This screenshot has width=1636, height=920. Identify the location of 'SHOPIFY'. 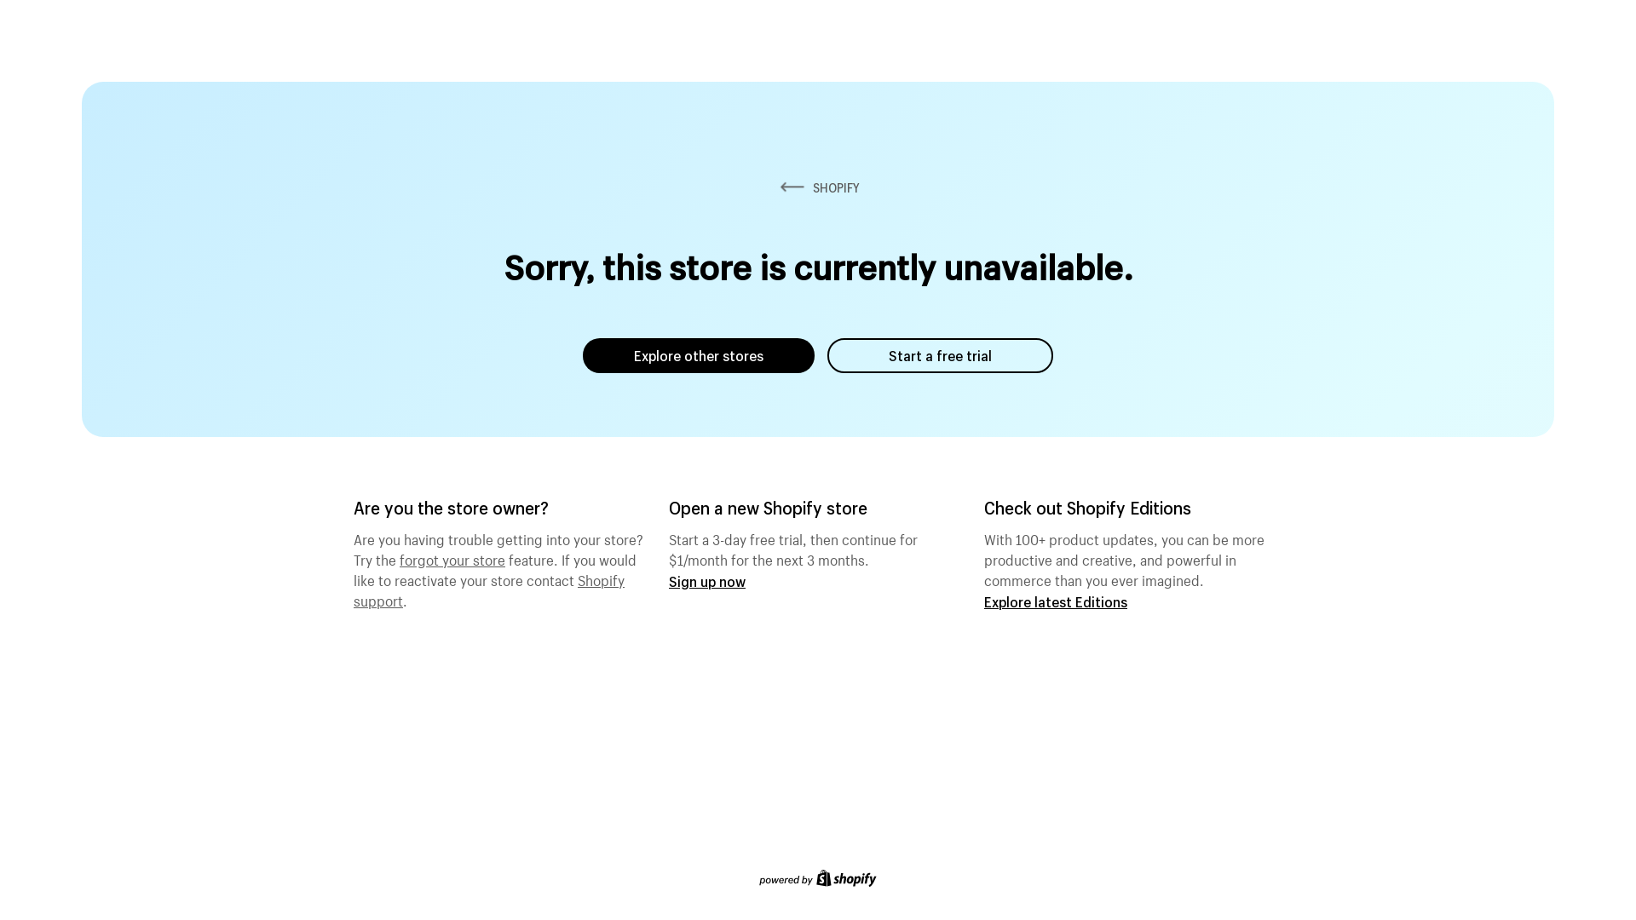
(818, 187).